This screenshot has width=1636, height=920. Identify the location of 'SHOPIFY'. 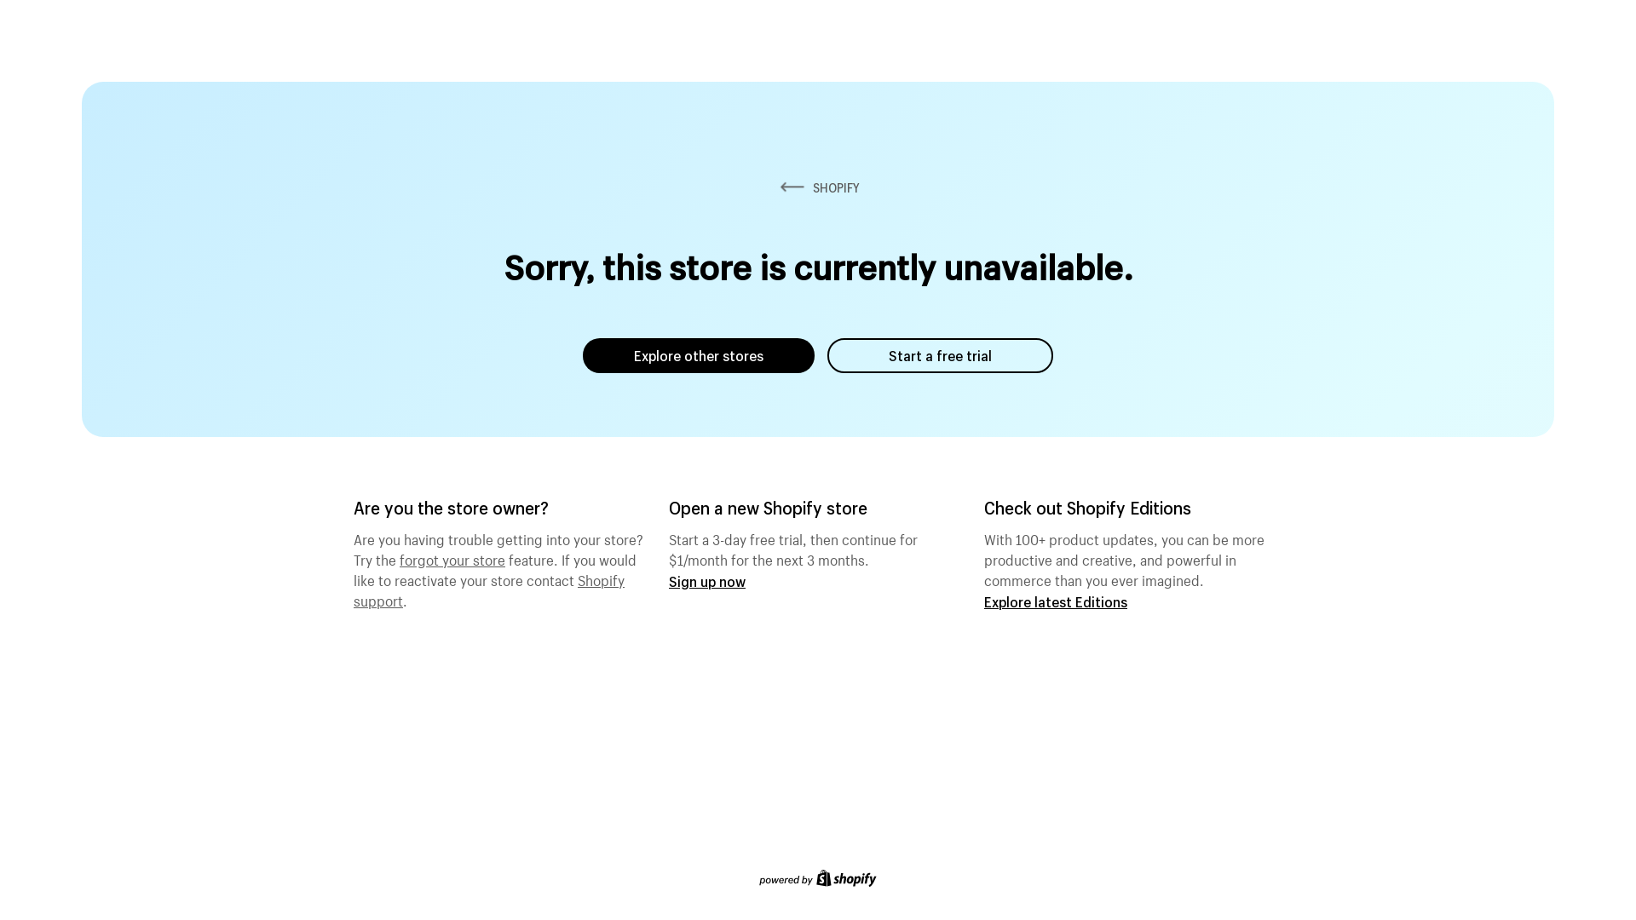
(818, 187).